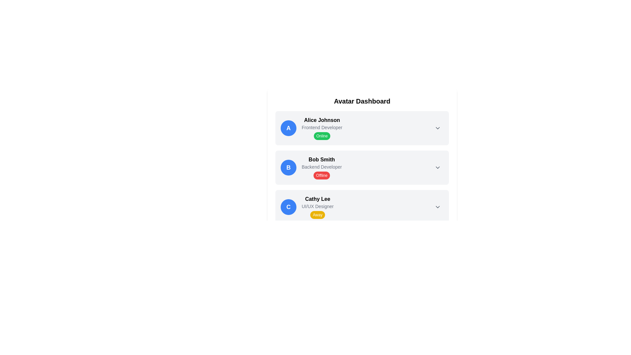 The image size is (631, 355). Describe the element at coordinates (289, 128) in the screenshot. I see `the circular avatar with a blue background and a white uppercase 'A'` at that location.